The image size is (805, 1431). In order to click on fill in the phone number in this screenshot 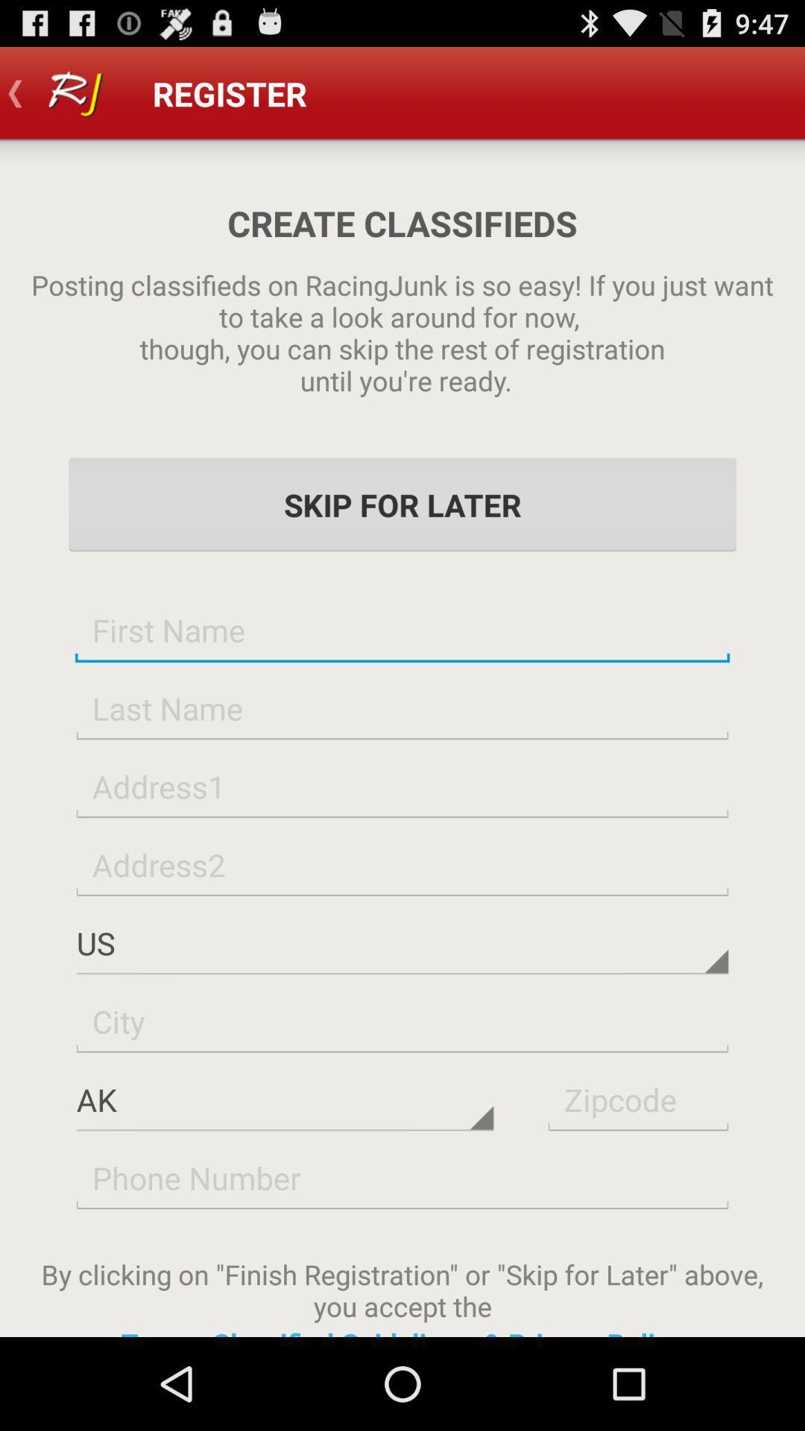, I will do `click(402, 1177)`.